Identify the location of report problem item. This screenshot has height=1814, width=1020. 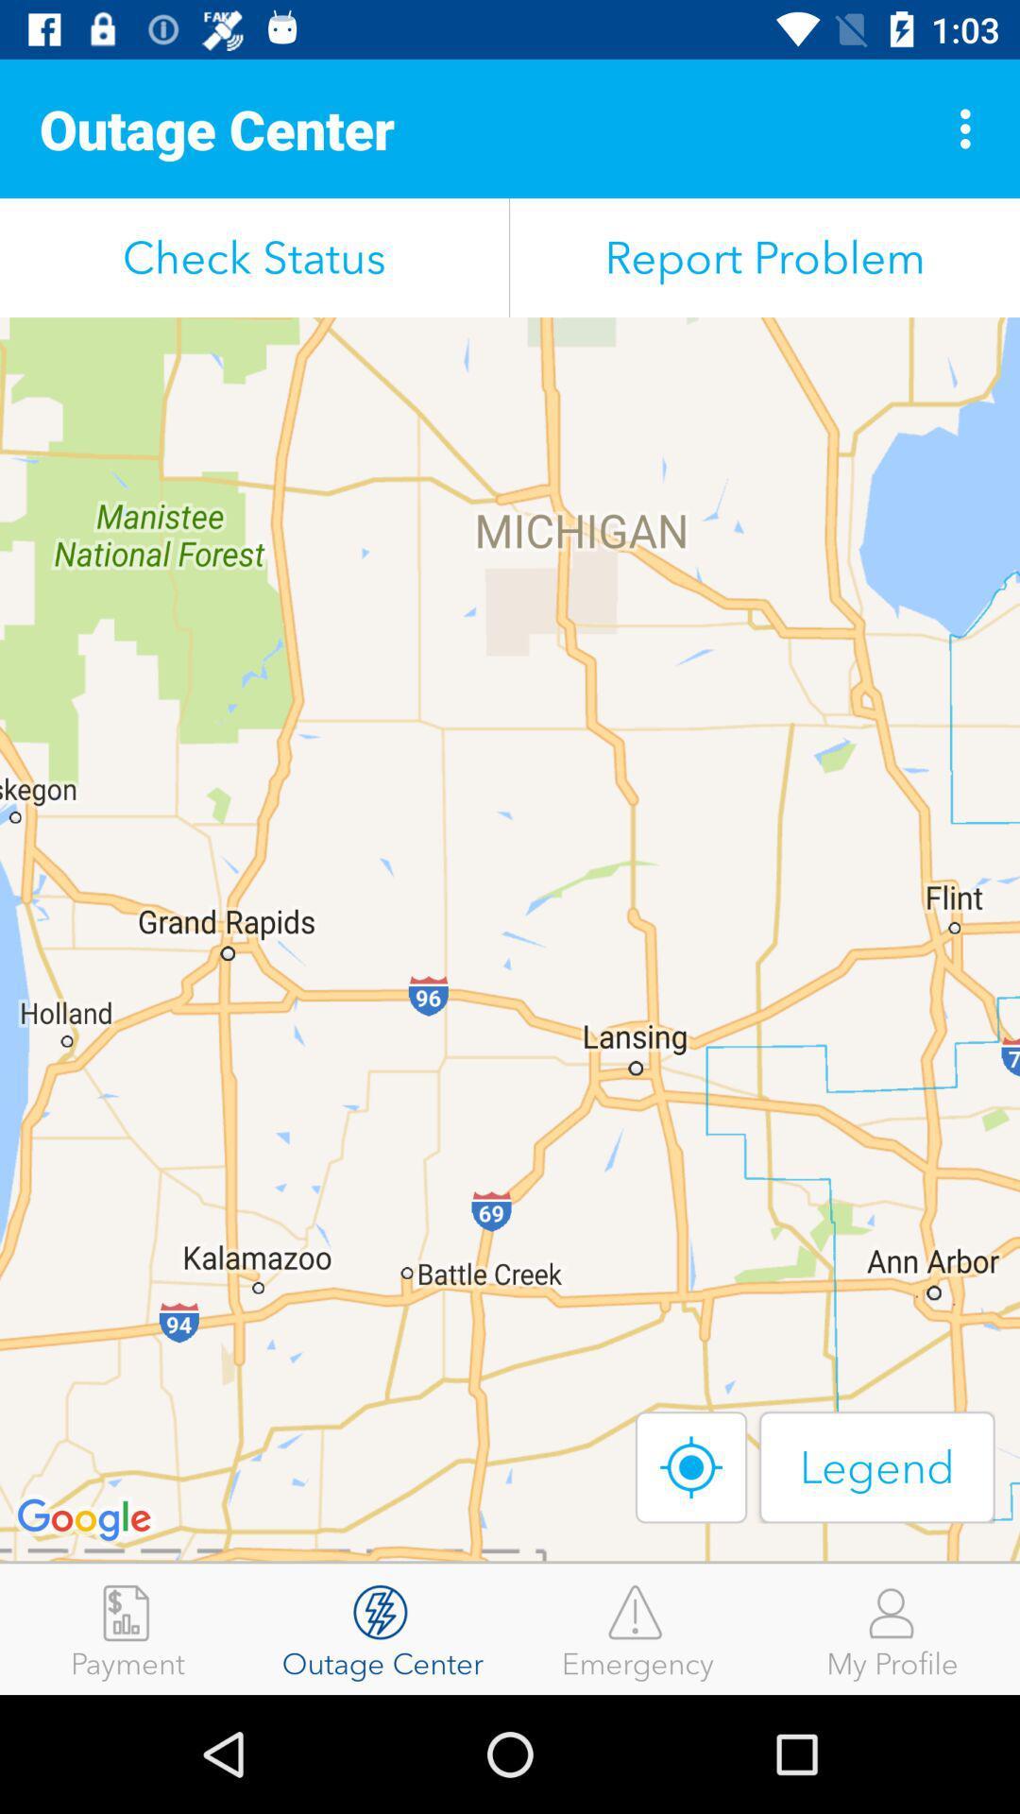
(765, 257).